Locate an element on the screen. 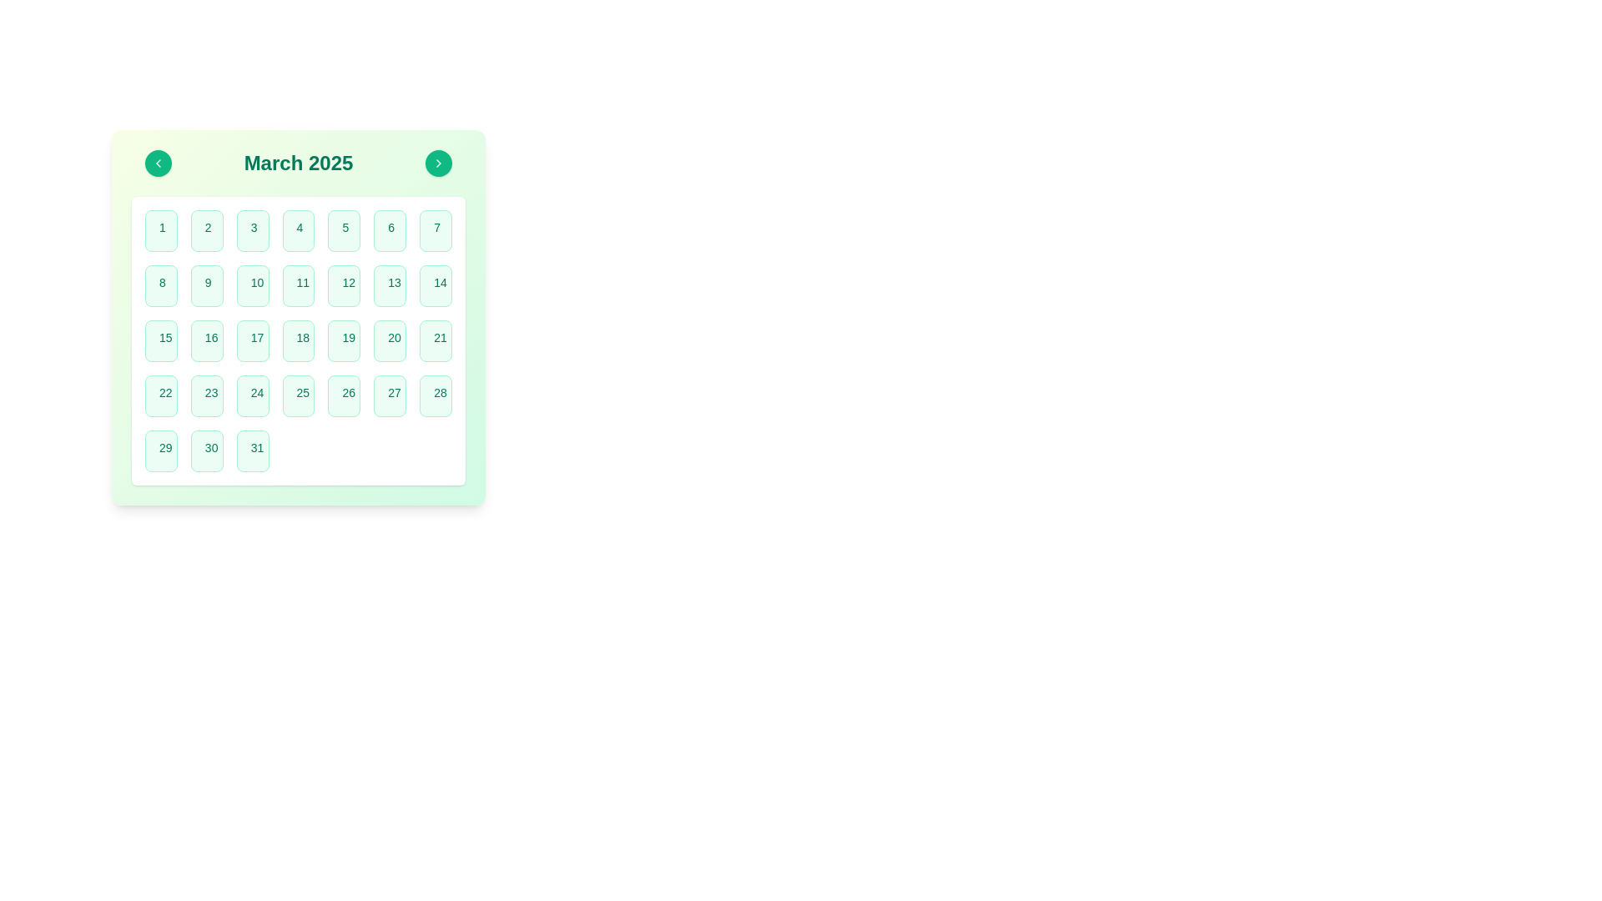 Image resolution: width=1602 pixels, height=901 pixels. the text label displaying the number '9' in green, positioned at the center of the ninth cell in the calendar grid is located at coordinates (207, 282).